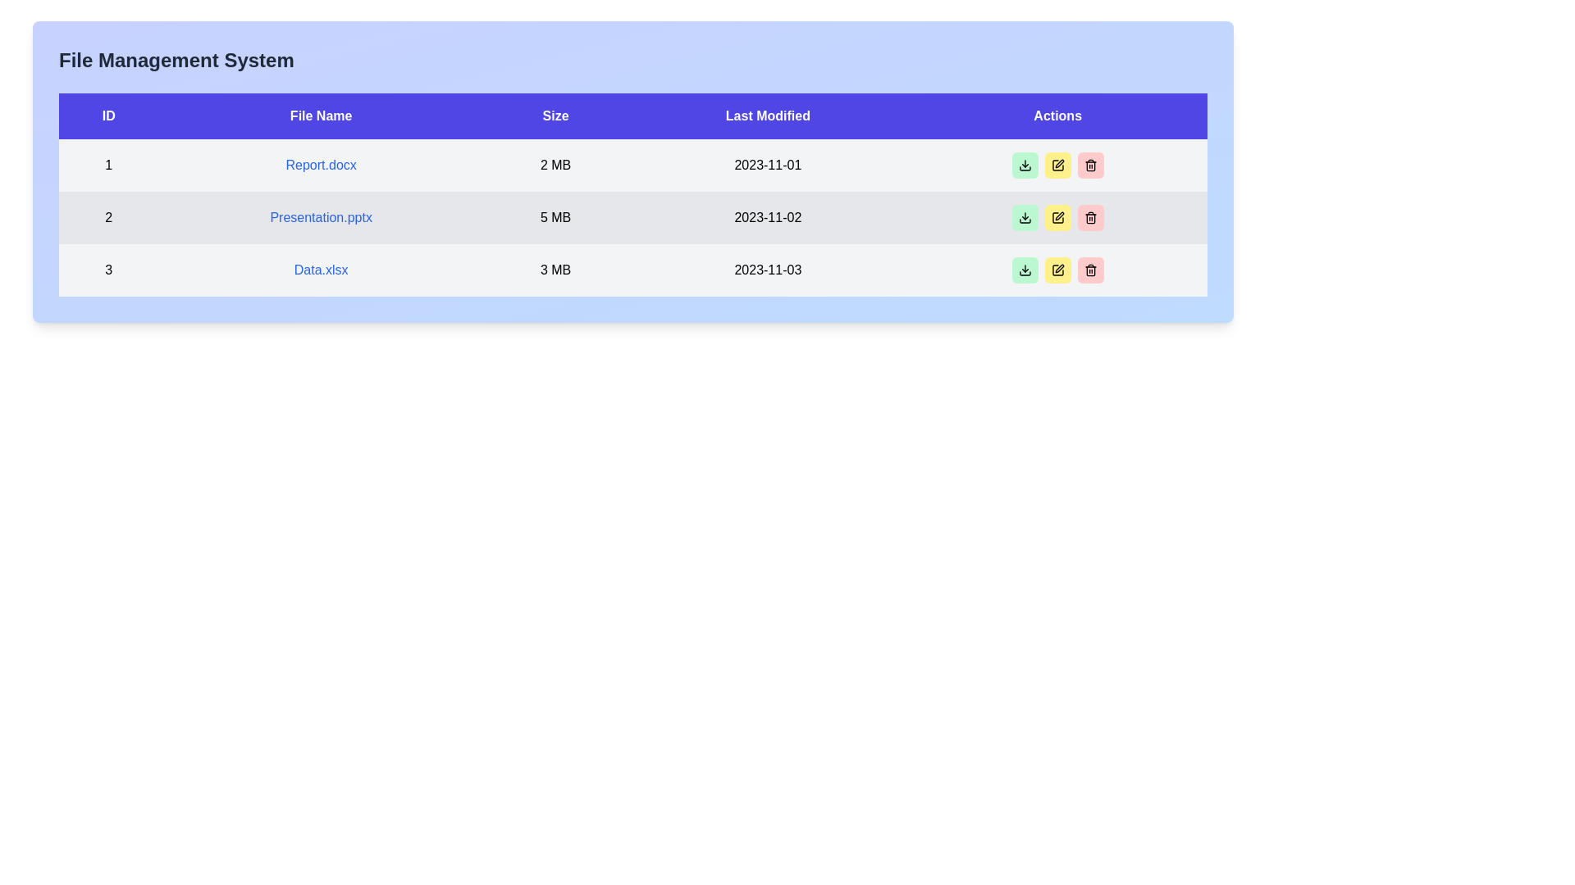 Image resolution: width=1575 pixels, height=885 pixels. What do you see at coordinates (1057, 270) in the screenshot?
I see `the yellow rectangular button with a black pen icon located in the 'Actions' column of the last row in the 'File Management System' table` at bounding box center [1057, 270].